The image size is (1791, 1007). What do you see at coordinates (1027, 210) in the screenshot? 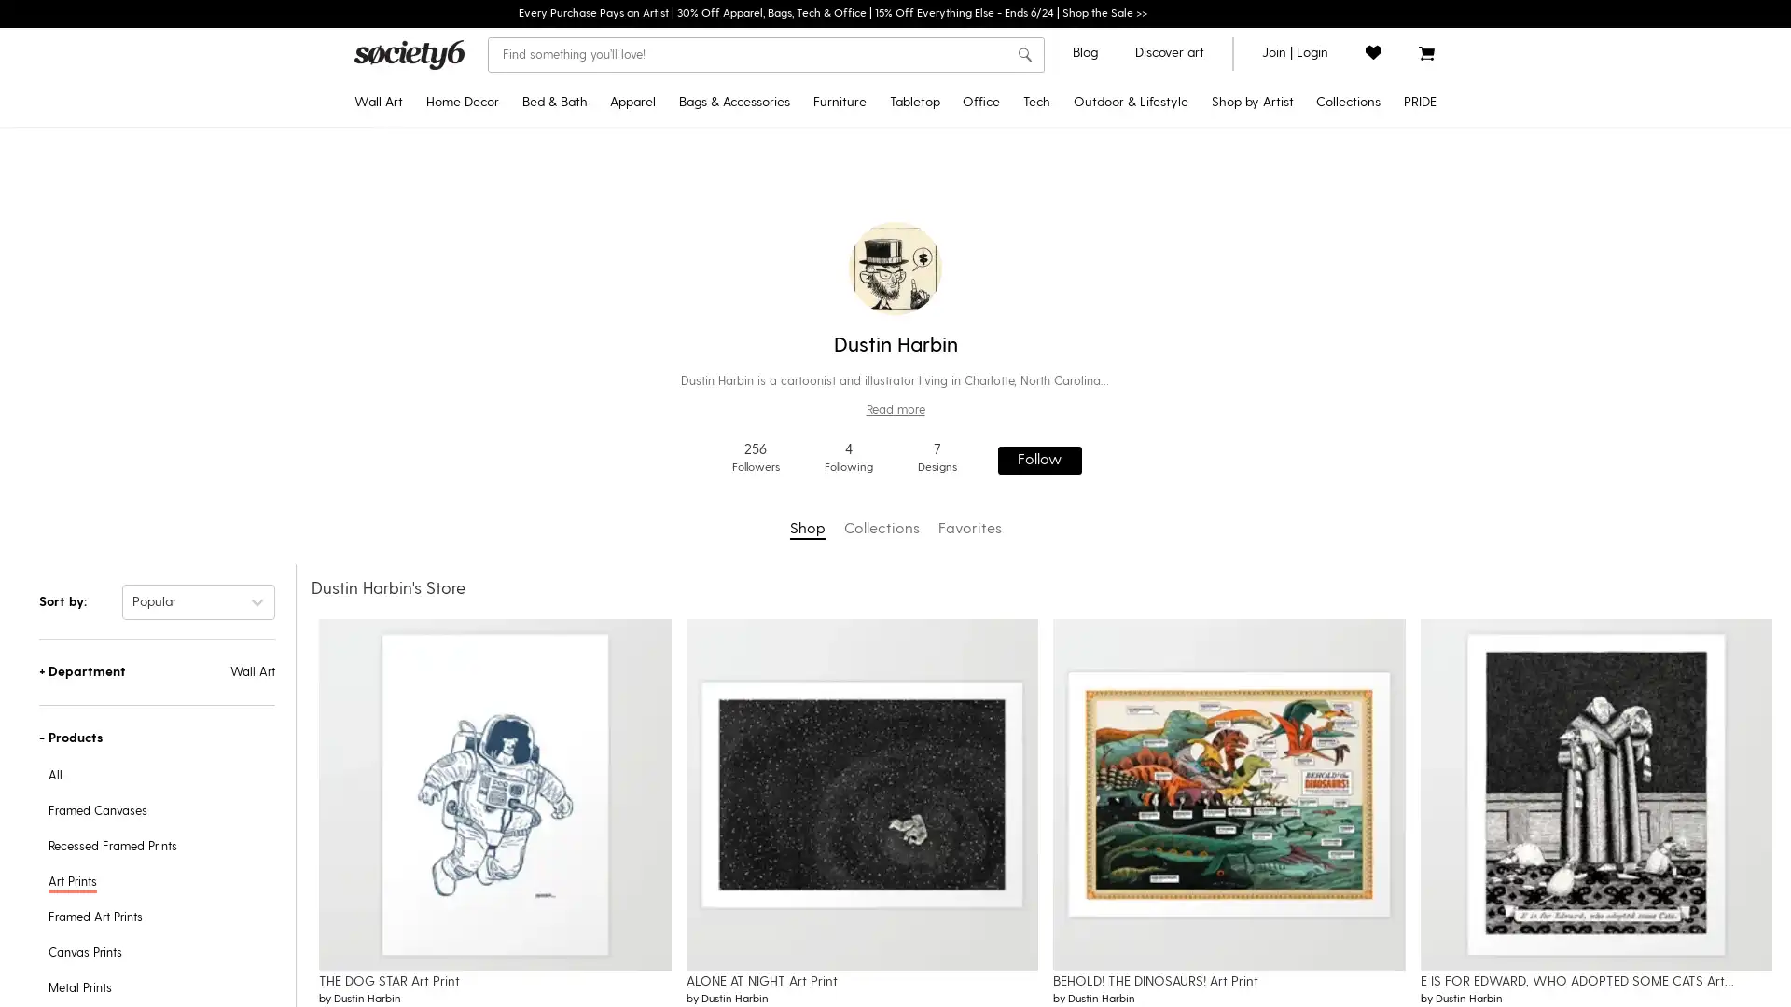
I see `Notebooks` at bounding box center [1027, 210].